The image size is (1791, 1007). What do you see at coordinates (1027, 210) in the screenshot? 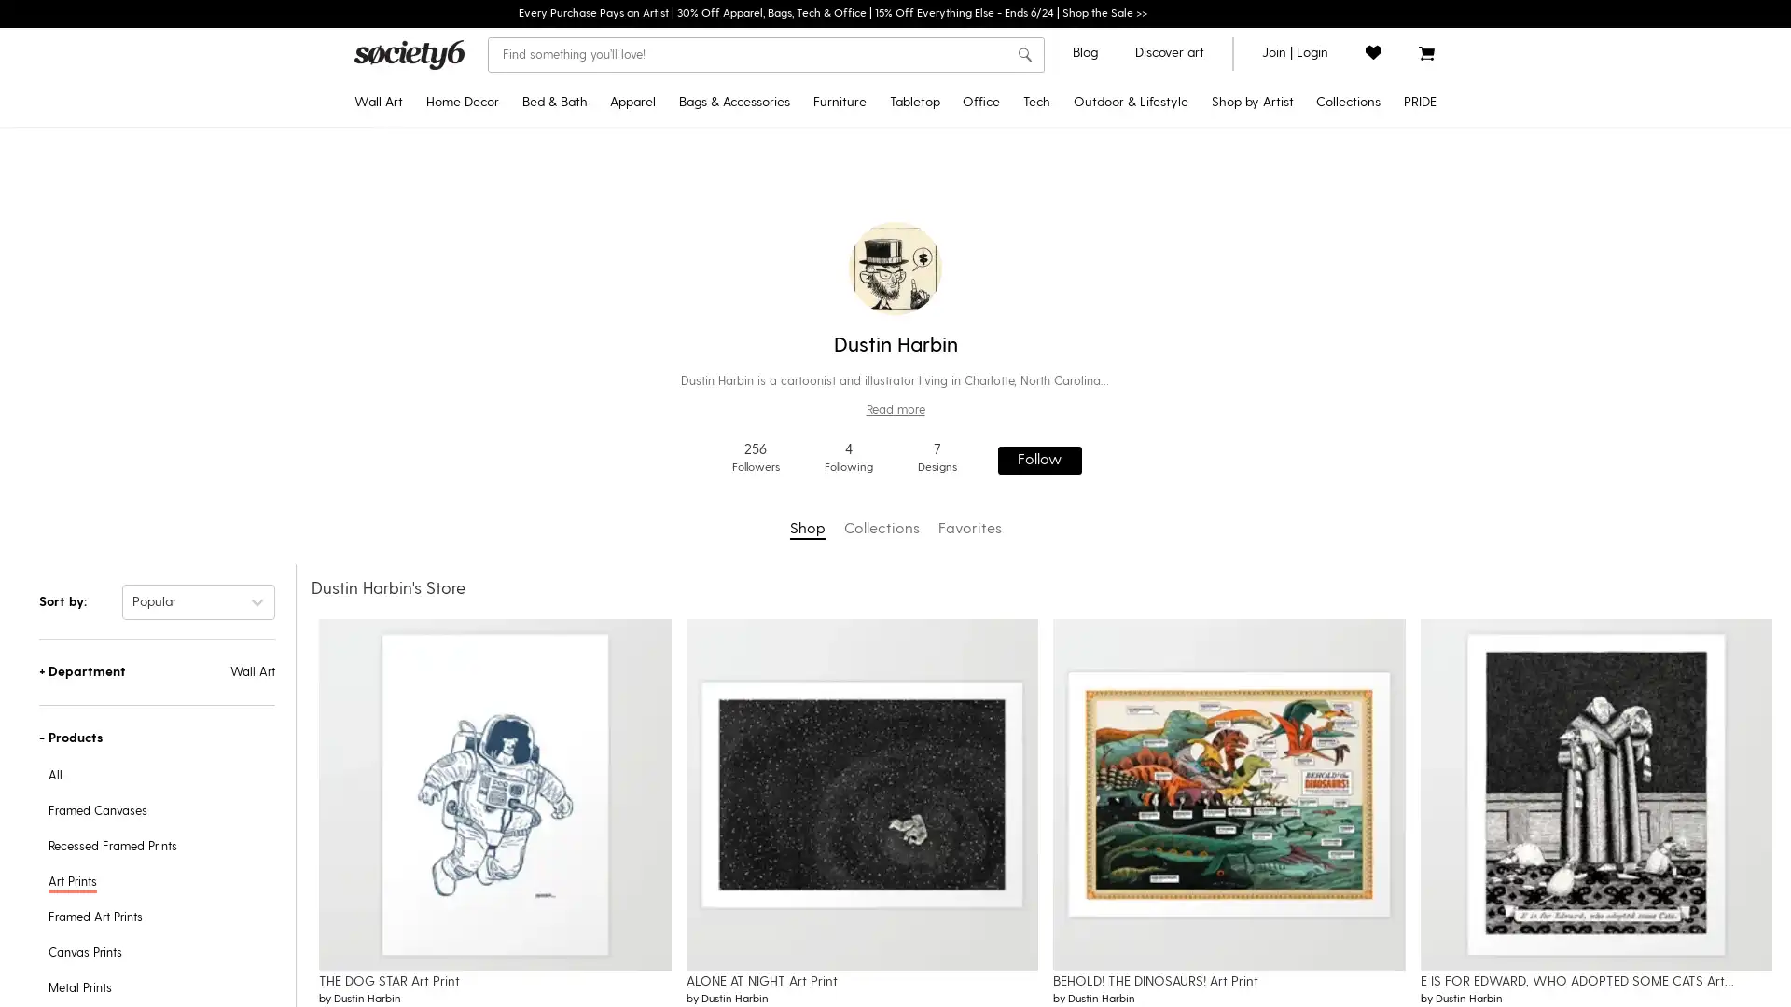
I see `Notebooks` at bounding box center [1027, 210].